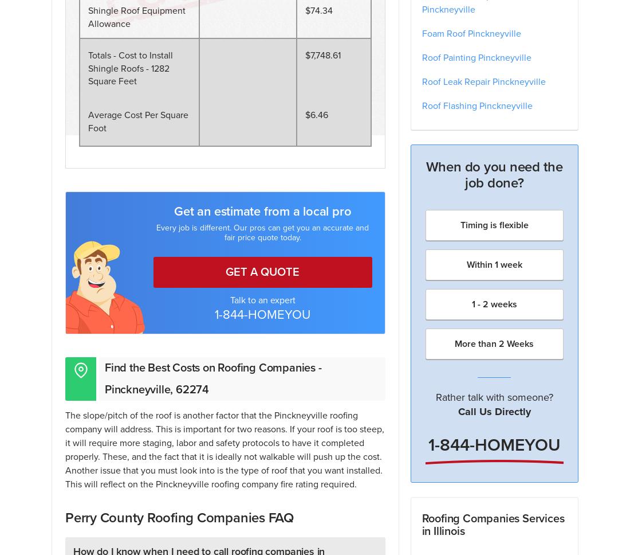  I want to click on 'Totals - Cost to Install Shingle Roofs - 1282 Square Feet', so click(131, 68).